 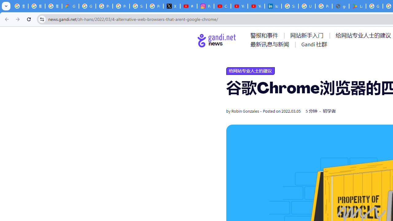 I want to click on 'Sign in - Google Accounts', so click(x=290, y=6).